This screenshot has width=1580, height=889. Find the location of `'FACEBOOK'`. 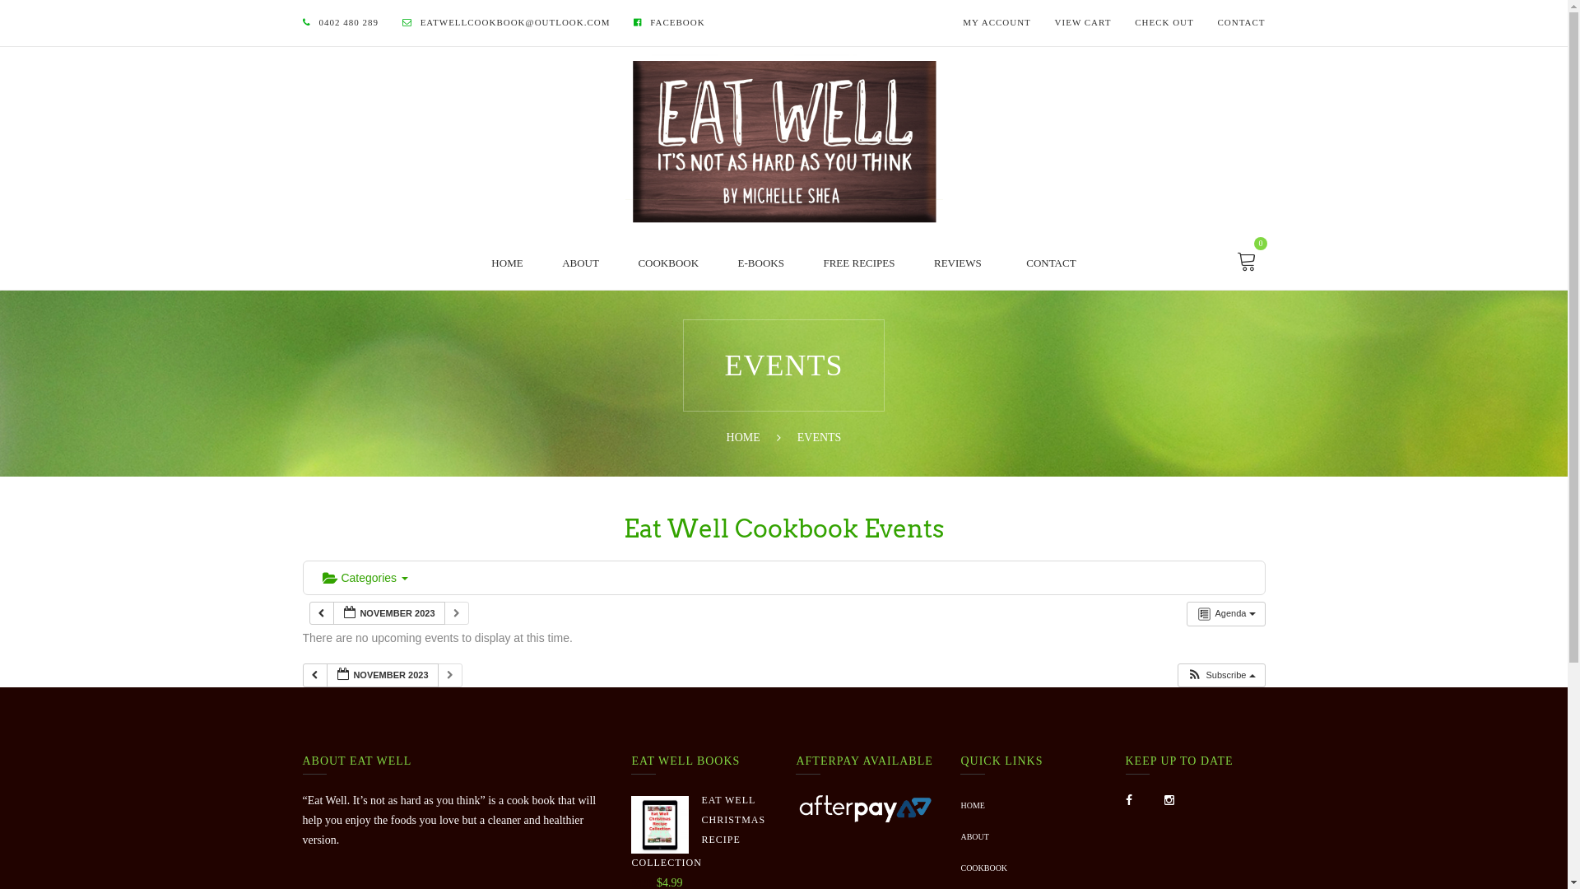

'FACEBOOK' is located at coordinates (676, 22).